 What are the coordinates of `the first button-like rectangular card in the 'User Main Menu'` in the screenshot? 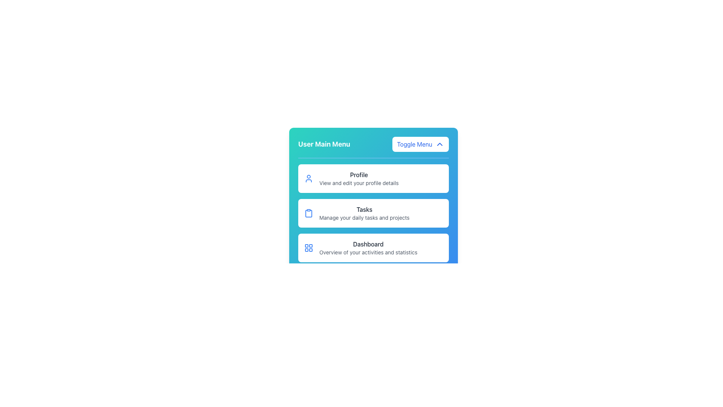 It's located at (374, 179).